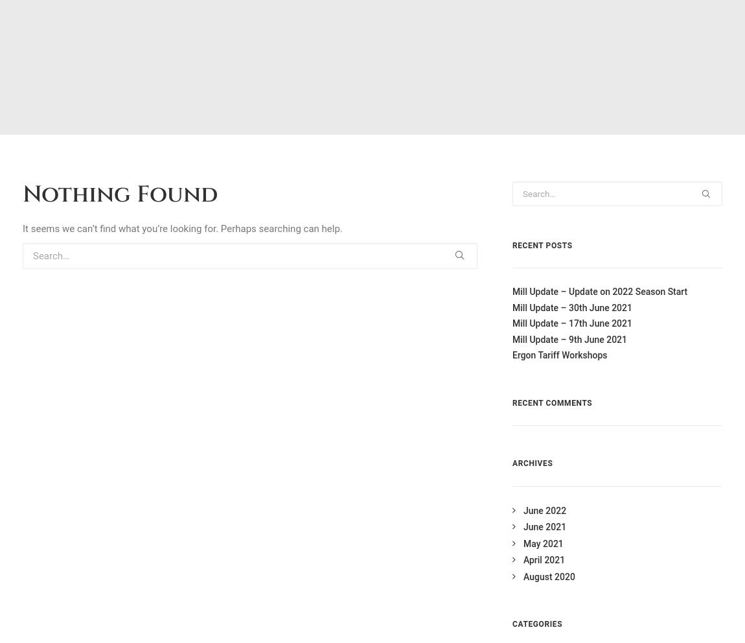 This screenshot has width=745, height=643. Describe the element at coordinates (405, 473) in the screenshot. I see `'4807'` at that location.